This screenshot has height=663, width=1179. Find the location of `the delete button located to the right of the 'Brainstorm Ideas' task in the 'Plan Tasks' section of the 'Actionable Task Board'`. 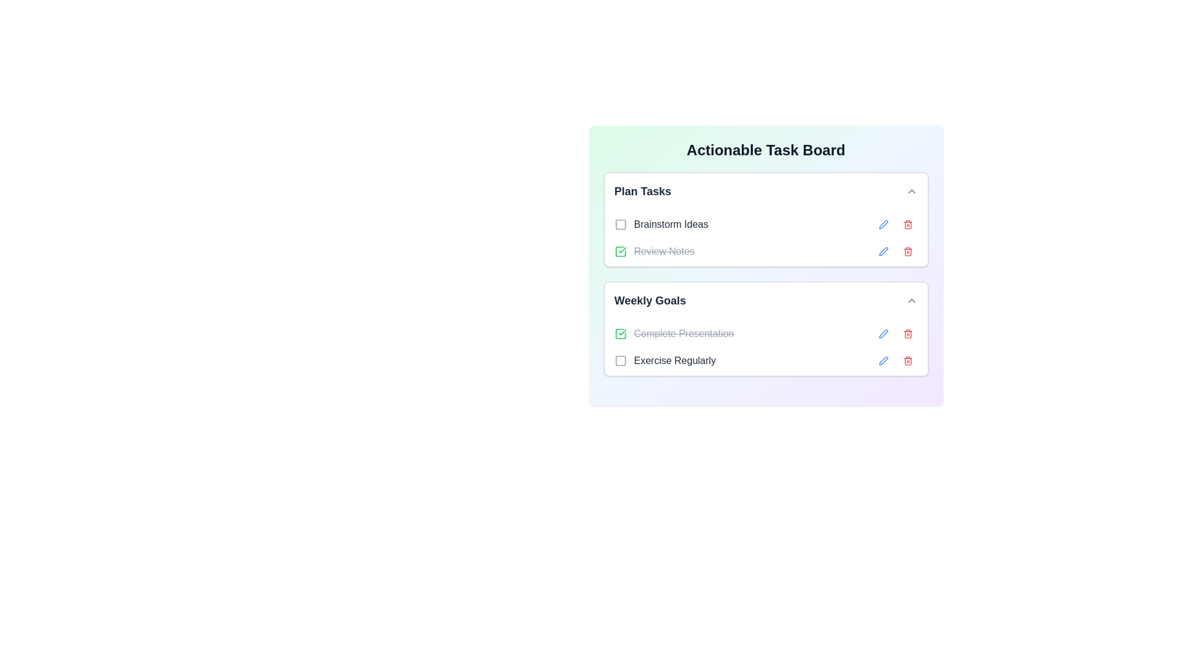

the delete button located to the right of the 'Brainstorm Ideas' task in the 'Plan Tasks' section of the 'Actionable Task Board' is located at coordinates (908, 225).